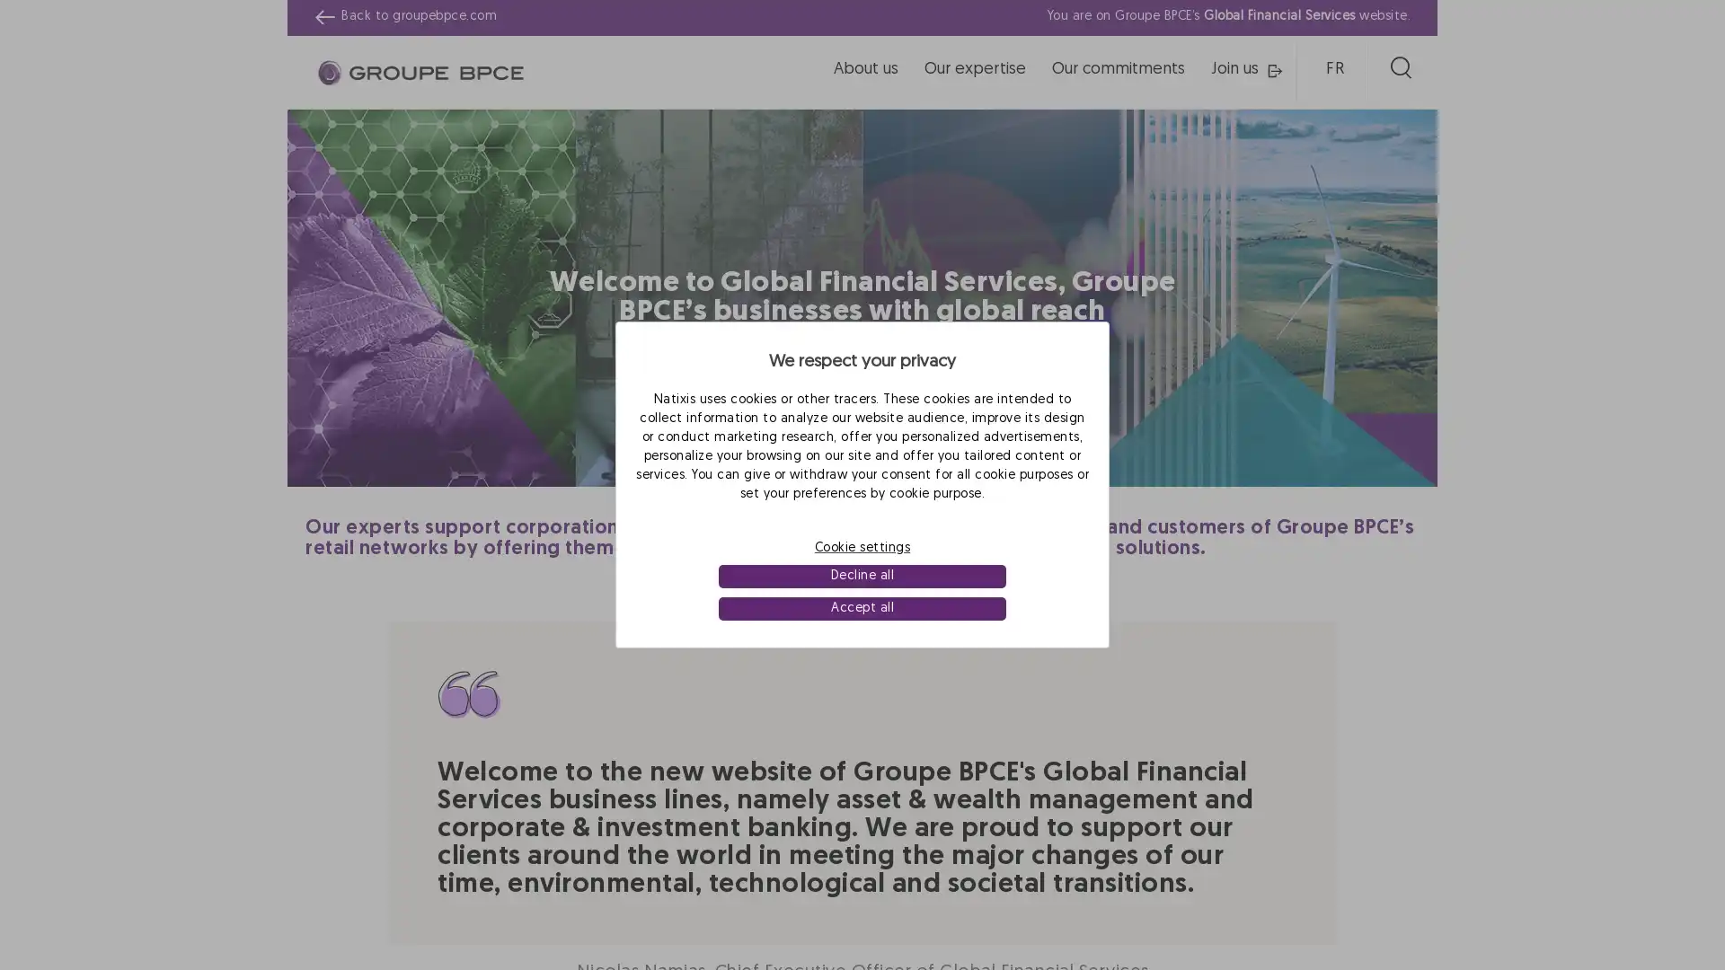  I want to click on Decline all, so click(861, 576).